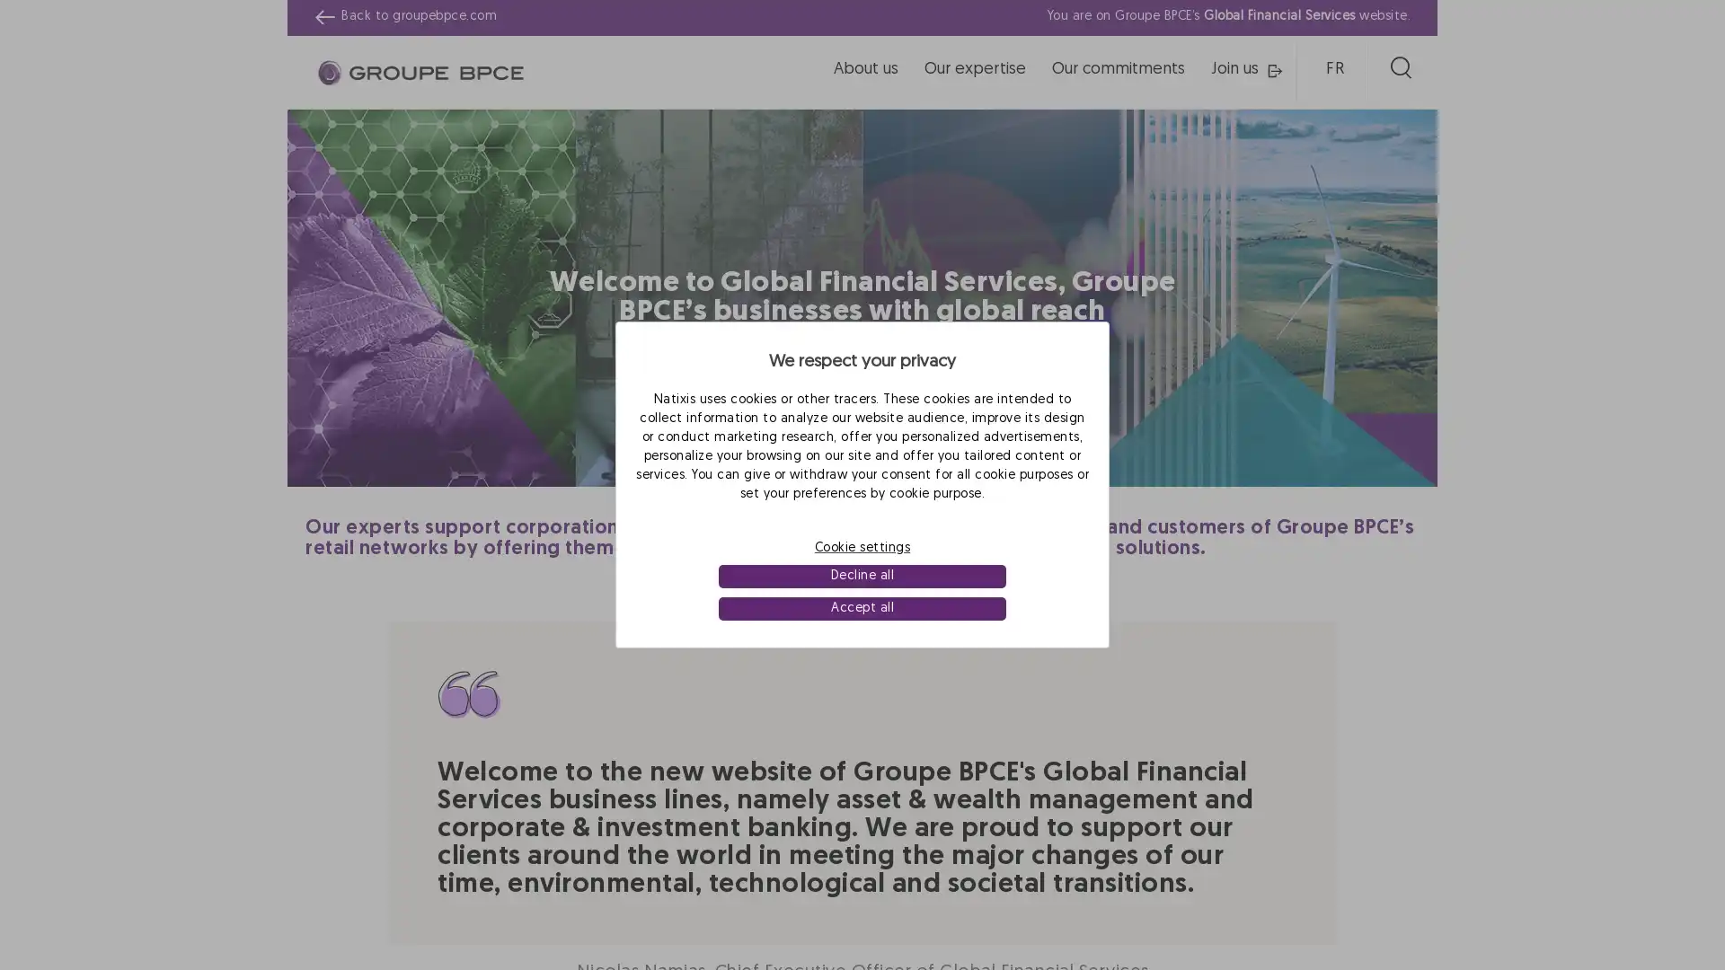  I want to click on Decline all, so click(861, 576).